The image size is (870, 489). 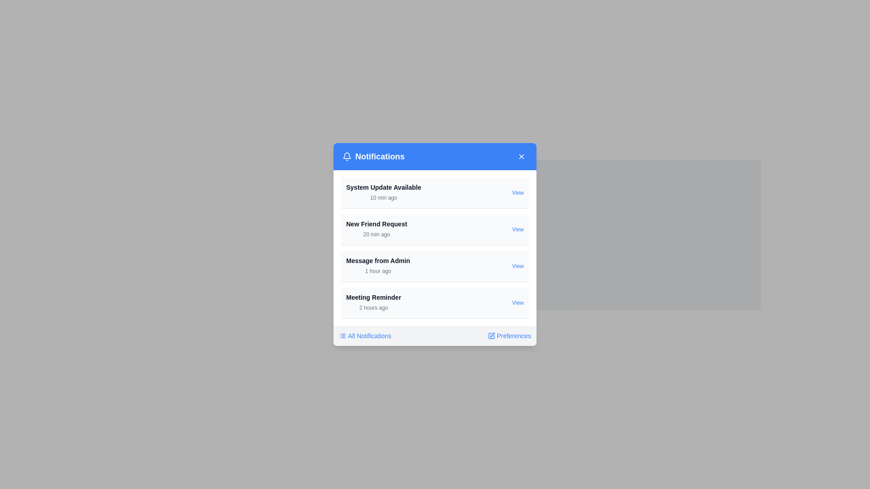 What do you see at coordinates (383, 187) in the screenshot?
I see `the text label conveying the title or summary of the notification related to a system update, which is located at the top of the notification panel, above the timestamp '10 min ago'` at bounding box center [383, 187].